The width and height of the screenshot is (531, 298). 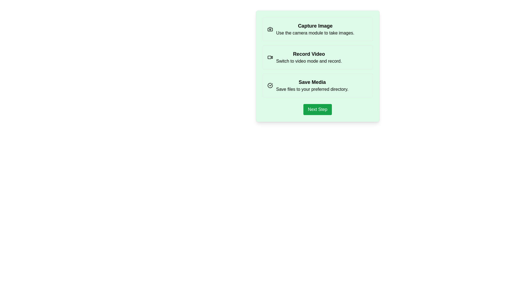 I want to click on the 'Capture Image' descriptive text block located inside the square panel at the top, so click(x=315, y=29).